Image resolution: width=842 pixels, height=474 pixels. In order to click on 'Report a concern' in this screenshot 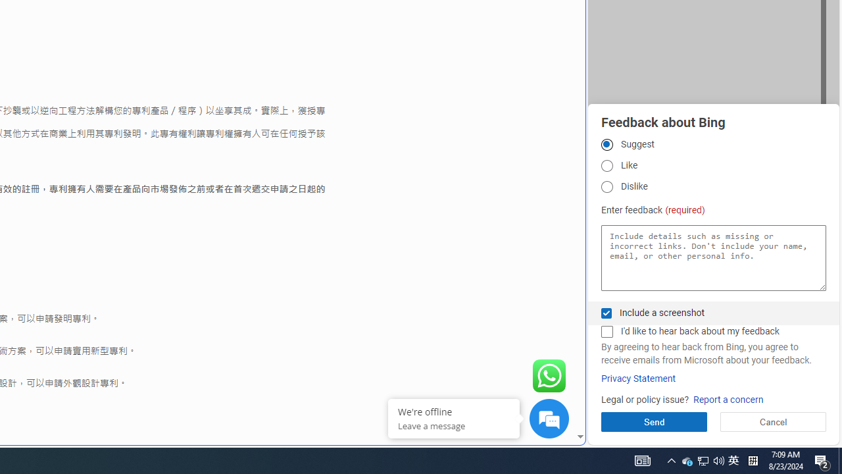, I will do `click(728, 399)`.